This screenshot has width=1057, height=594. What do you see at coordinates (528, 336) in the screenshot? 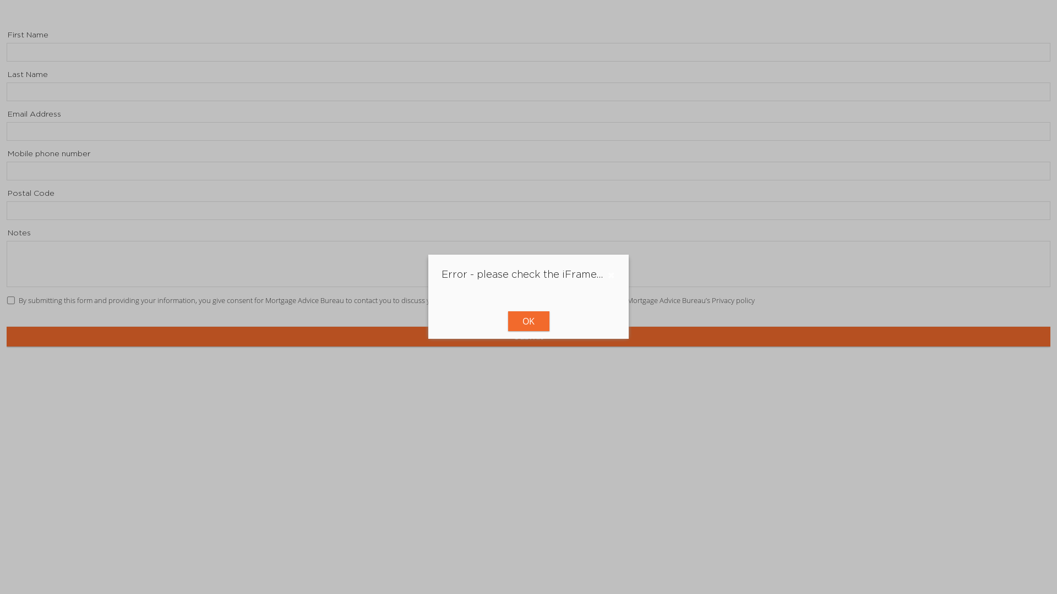
I see `'Submit'` at bounding box center [528, 336].